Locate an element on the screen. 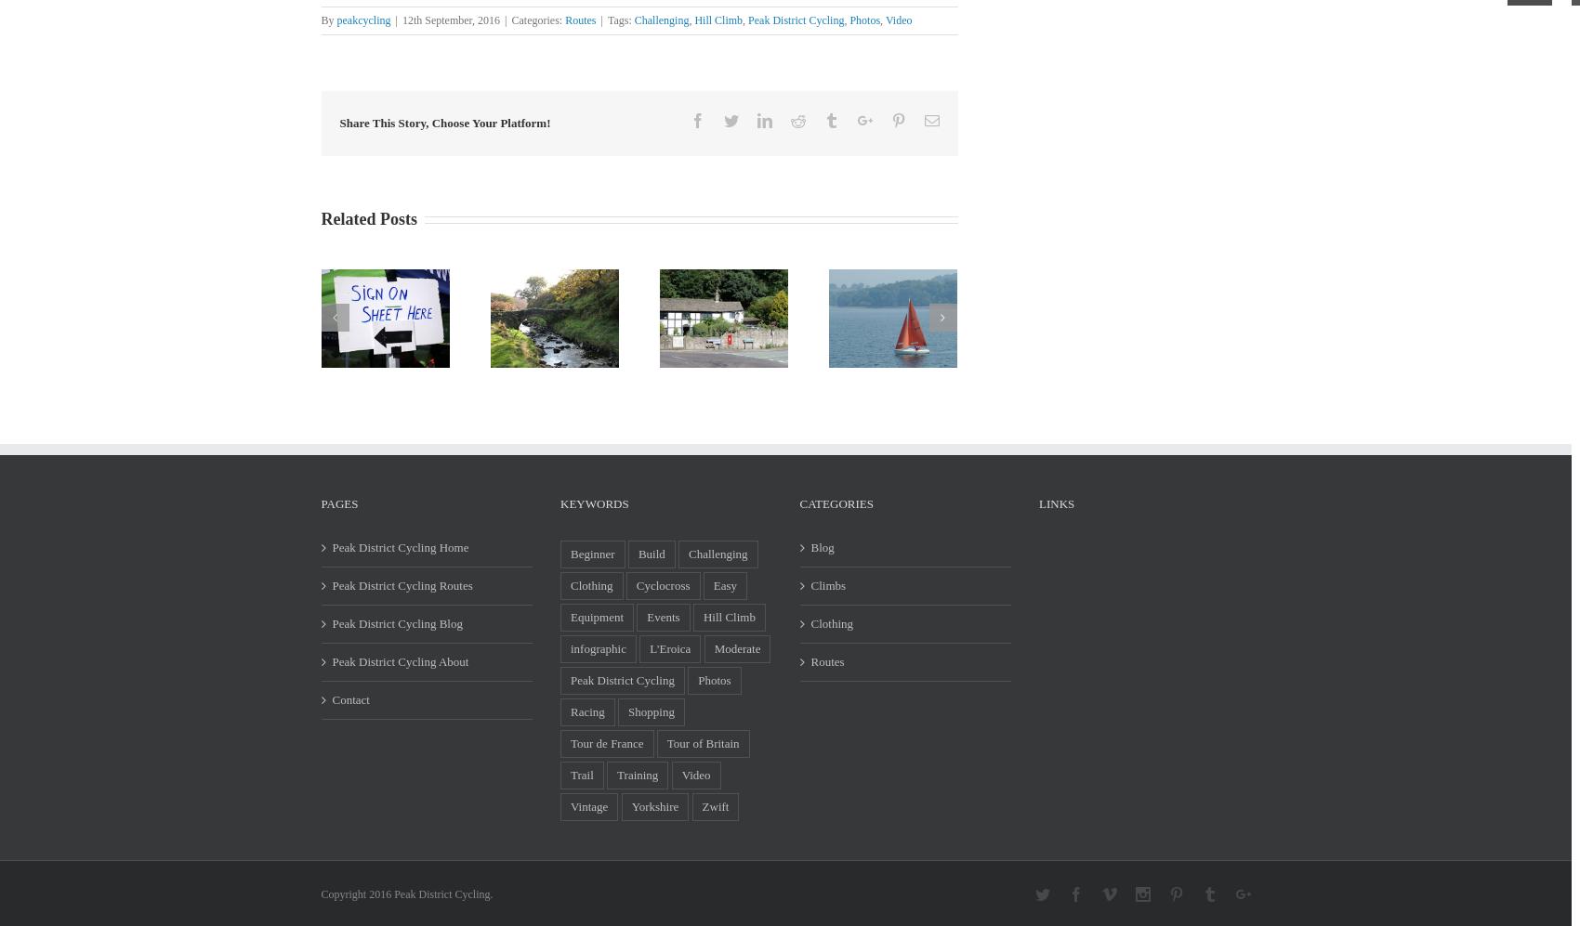 The image size is (1580, 926). 'peakcycling' is located at coordinates (362, 20).